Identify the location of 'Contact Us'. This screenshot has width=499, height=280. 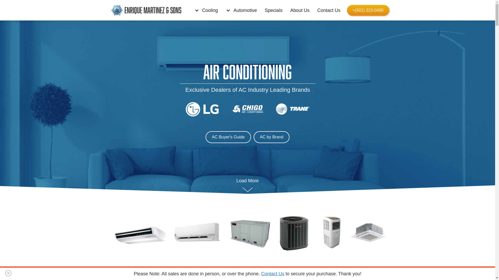
(330, 10).